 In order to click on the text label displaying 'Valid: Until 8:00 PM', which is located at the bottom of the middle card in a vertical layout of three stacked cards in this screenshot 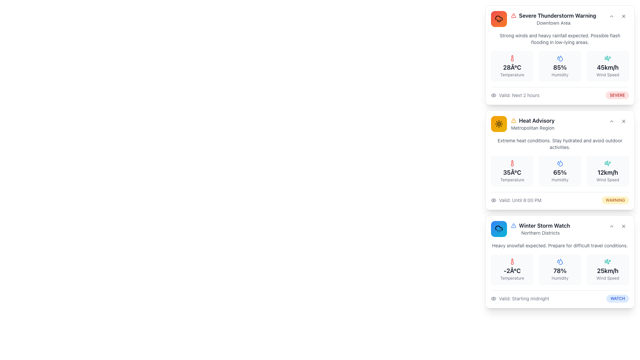, I will do `click(520, 200)`.